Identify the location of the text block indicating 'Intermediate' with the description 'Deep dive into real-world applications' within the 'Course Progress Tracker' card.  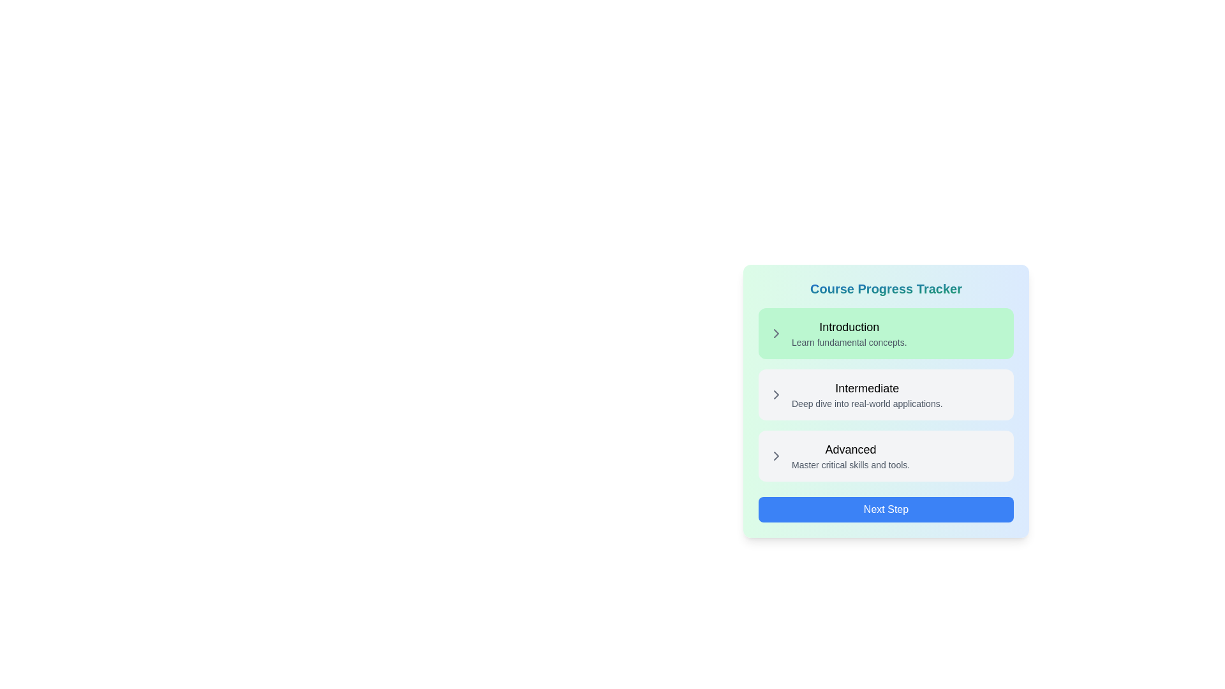
(867, 394).